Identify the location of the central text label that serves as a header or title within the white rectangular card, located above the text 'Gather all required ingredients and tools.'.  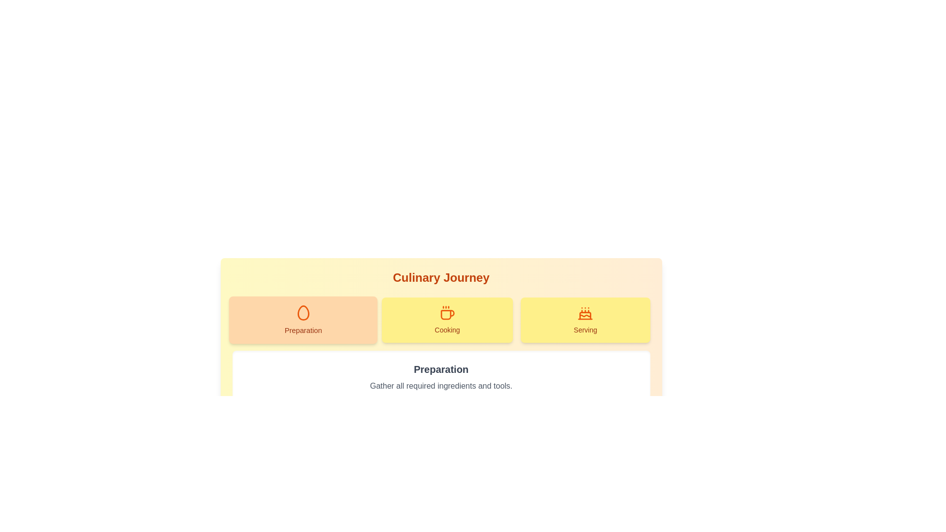
(440, 369).